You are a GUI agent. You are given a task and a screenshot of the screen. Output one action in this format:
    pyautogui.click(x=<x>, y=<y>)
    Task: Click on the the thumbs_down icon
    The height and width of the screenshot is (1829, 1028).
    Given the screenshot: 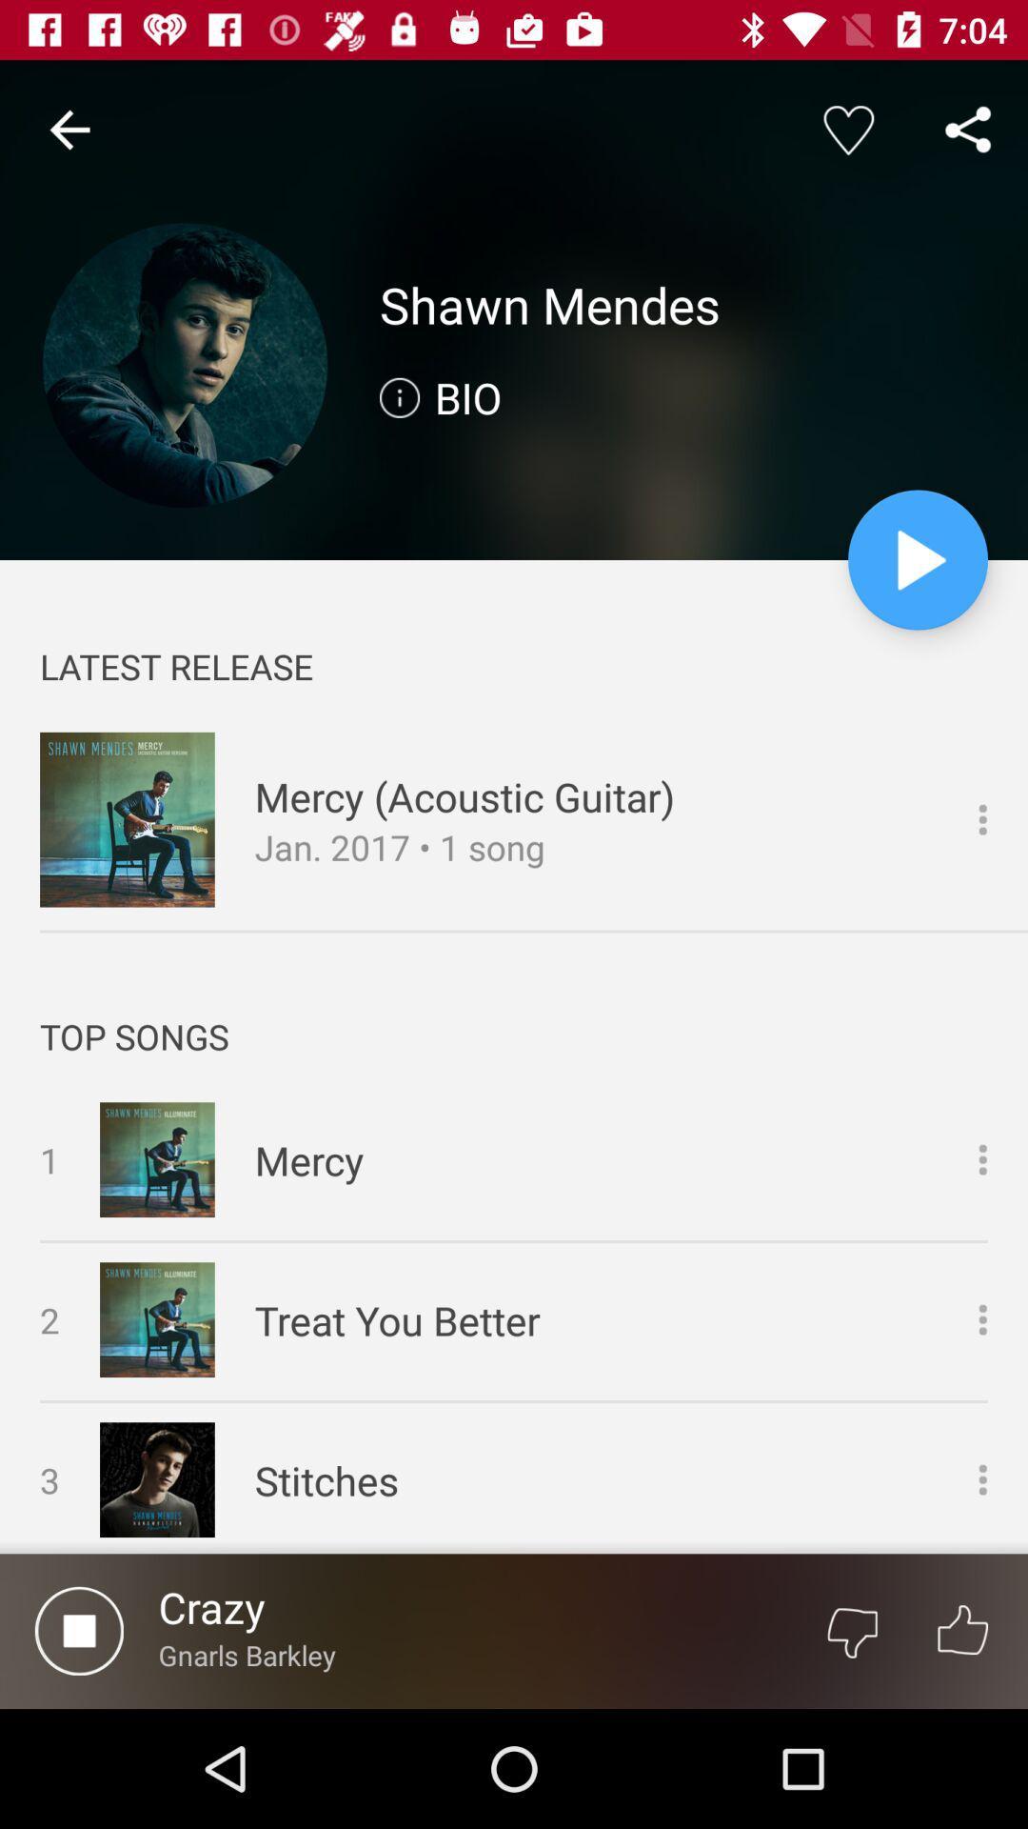 What is the action you would take?
    pyautogui.click(x=851, y=1630)
    